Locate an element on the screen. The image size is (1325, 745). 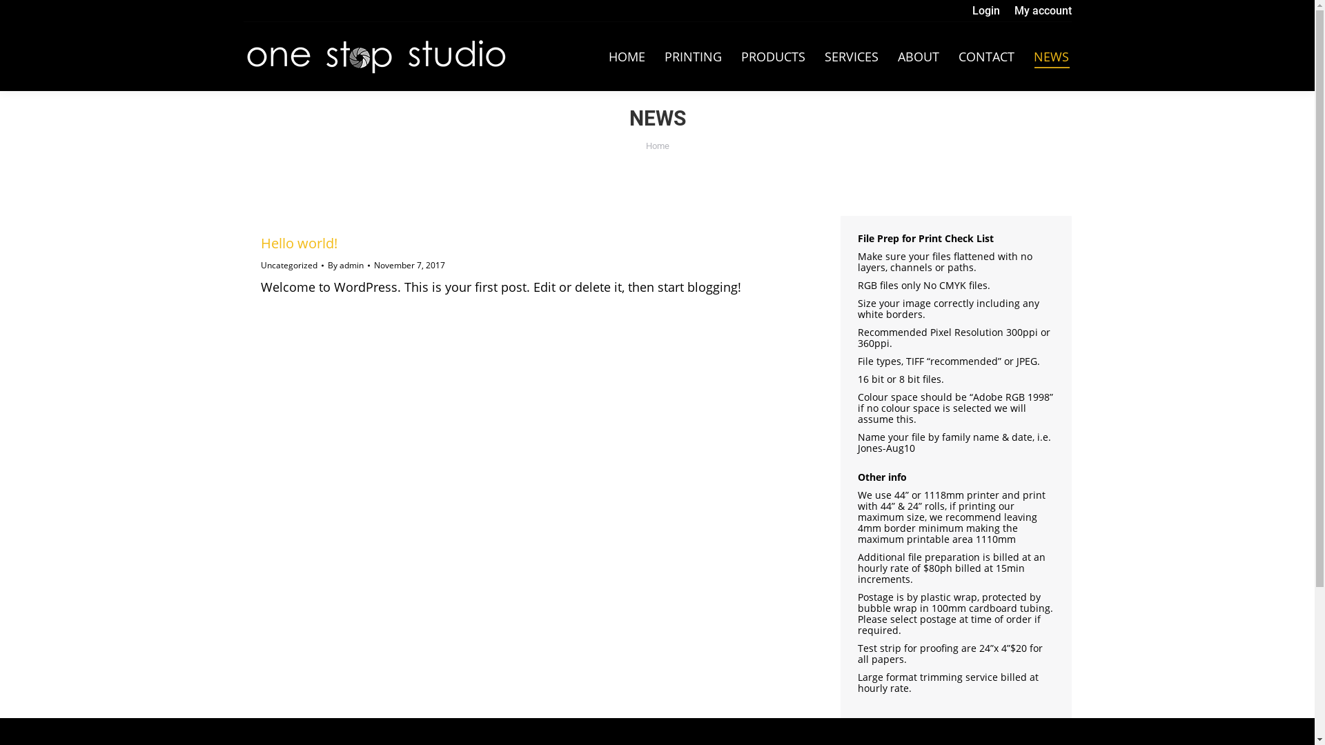
'NEWS' is located at coordinates (1050, 55).